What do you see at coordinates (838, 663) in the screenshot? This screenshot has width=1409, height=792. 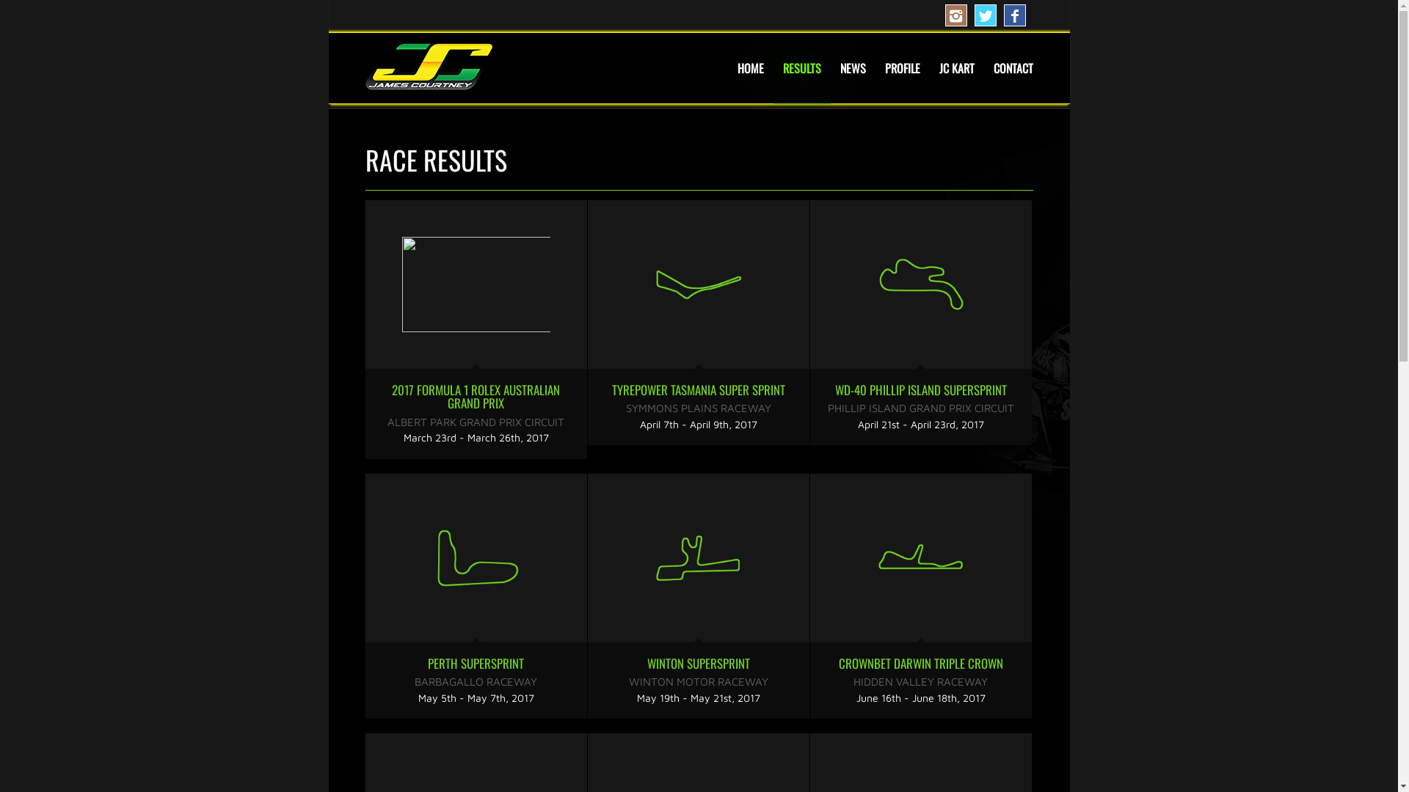 I see `'CROWNBET DARWIN TRIPLE CROWN'` at bounding box center [838, 663].